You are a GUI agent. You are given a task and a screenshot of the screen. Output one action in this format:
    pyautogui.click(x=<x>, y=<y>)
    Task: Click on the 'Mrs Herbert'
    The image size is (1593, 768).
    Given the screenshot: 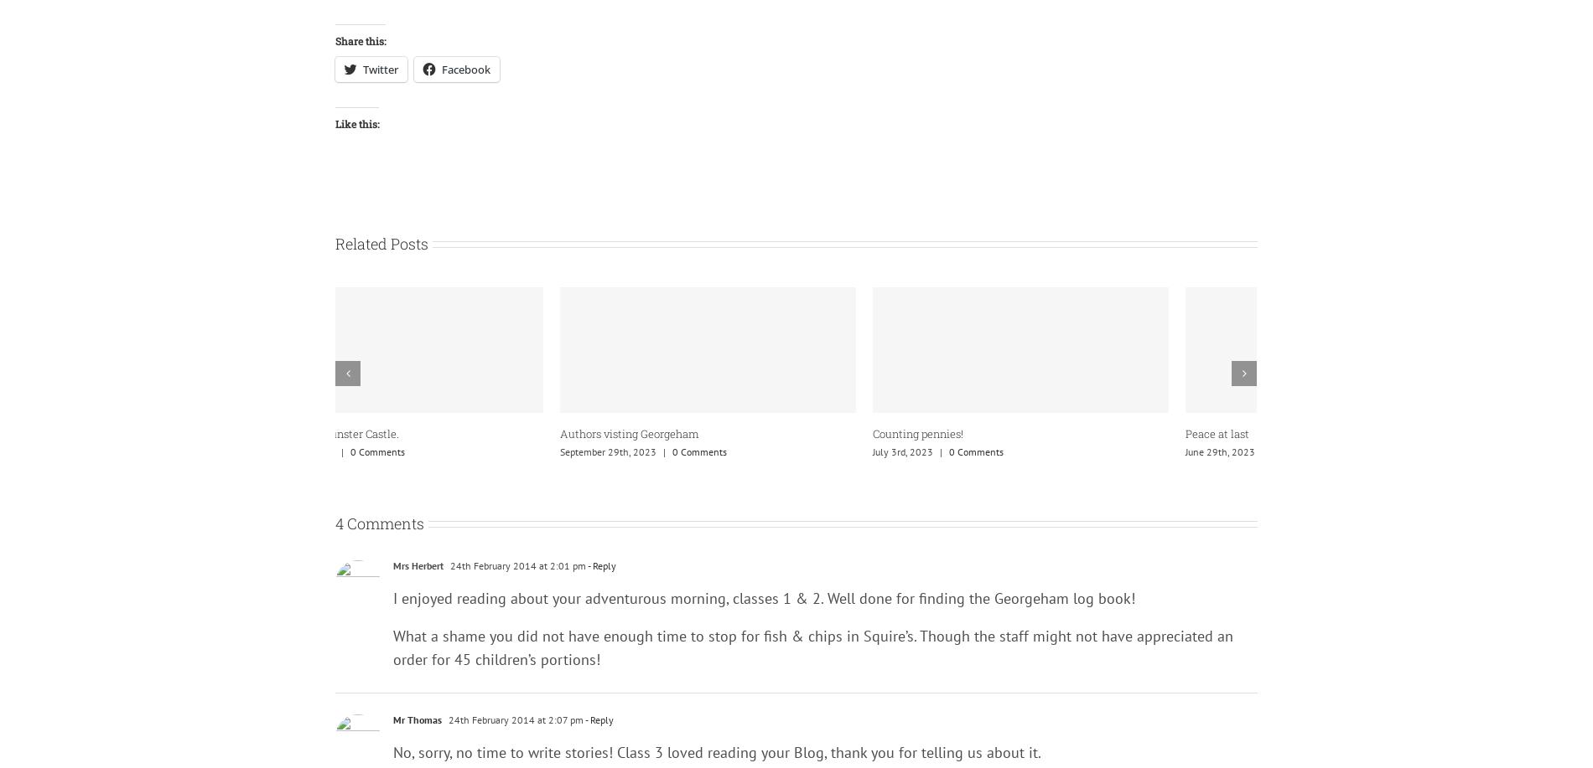 What is the action you would take?
    pyautogui.click(x=418, y=564)
    